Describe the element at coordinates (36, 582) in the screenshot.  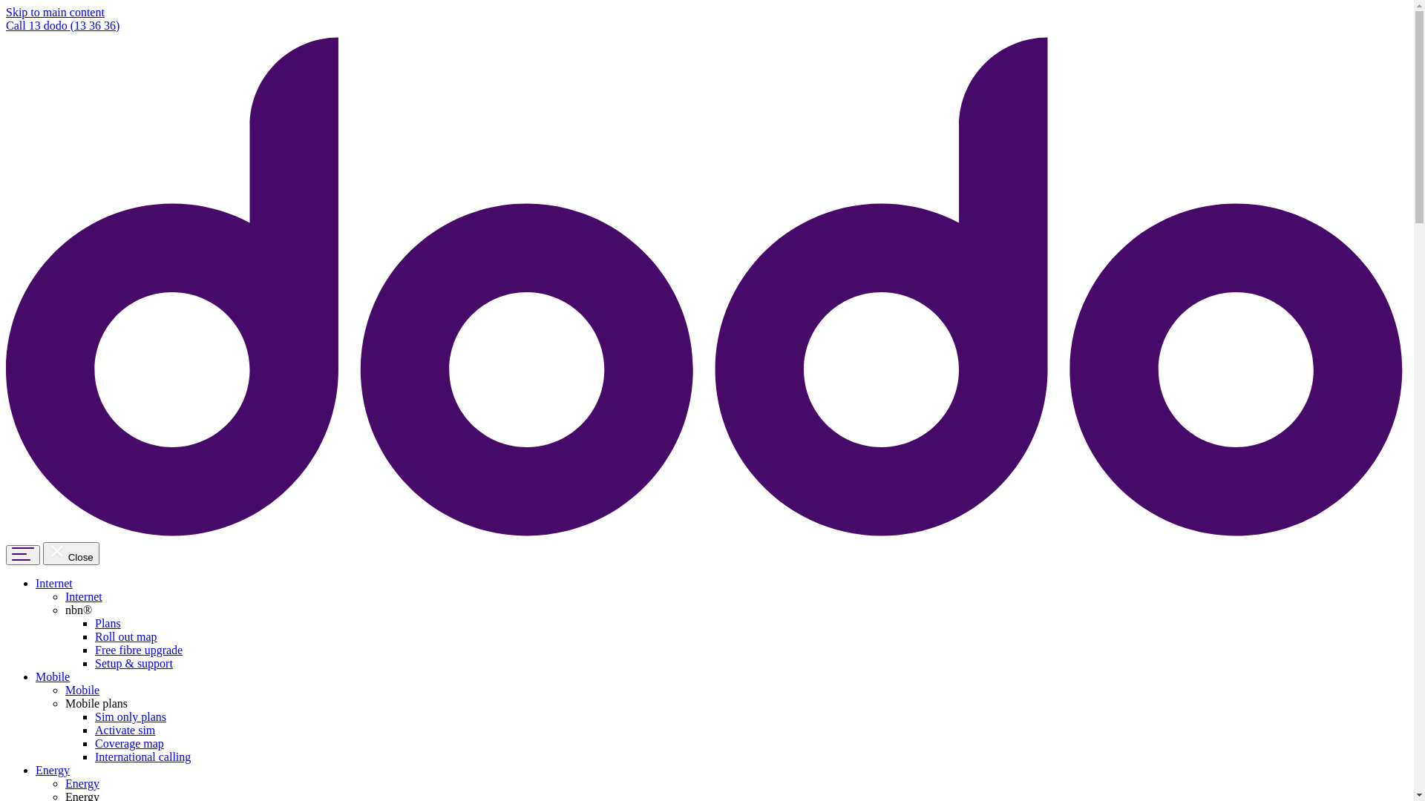
I see `'Internet'` at that location.